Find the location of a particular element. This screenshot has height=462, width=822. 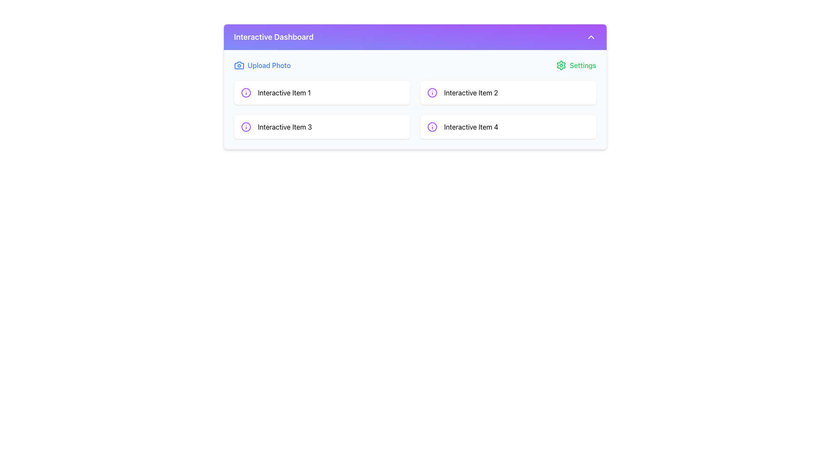

the gear icon located to the left of the 'Settings' text in the top bar is located at coordinates (561, 65).